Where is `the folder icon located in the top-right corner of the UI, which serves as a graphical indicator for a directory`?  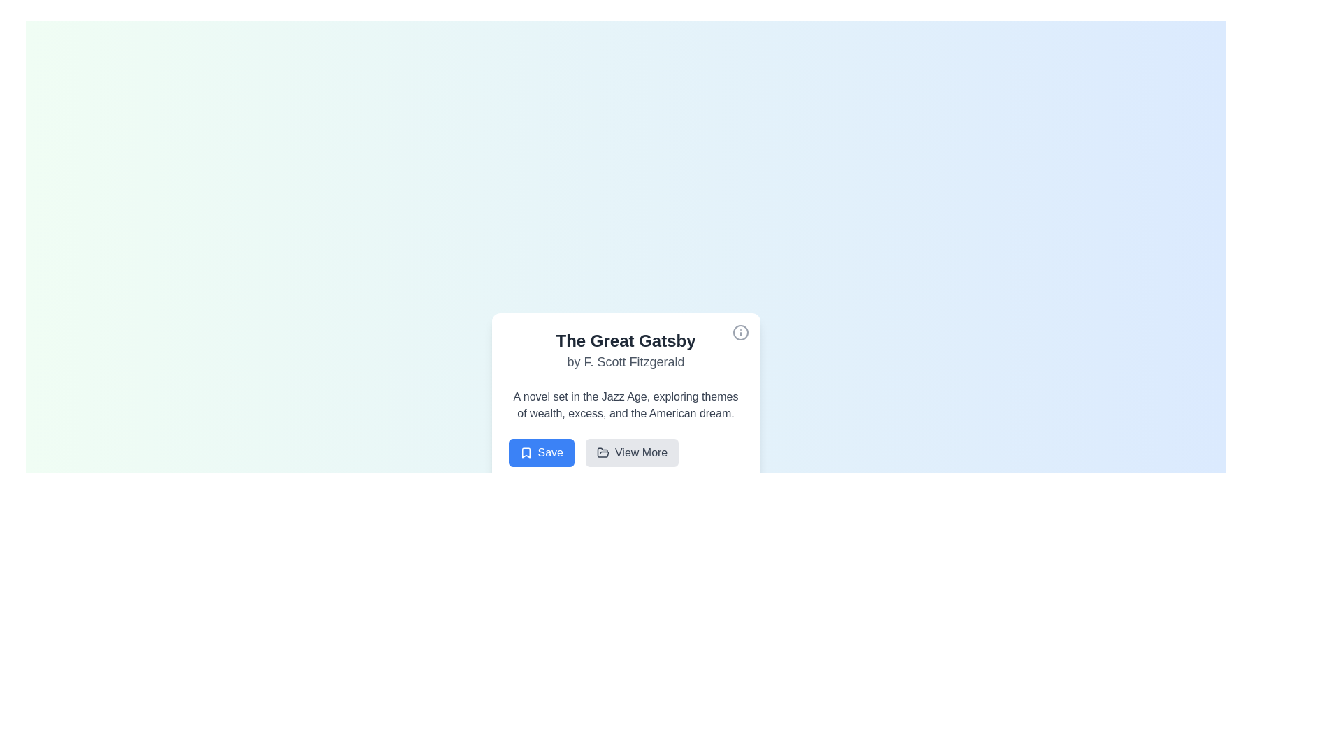
the folder icon located in the top-right corner of the UI, which serves as a graphical indicator for a directory is located at coordinates (603, 452).